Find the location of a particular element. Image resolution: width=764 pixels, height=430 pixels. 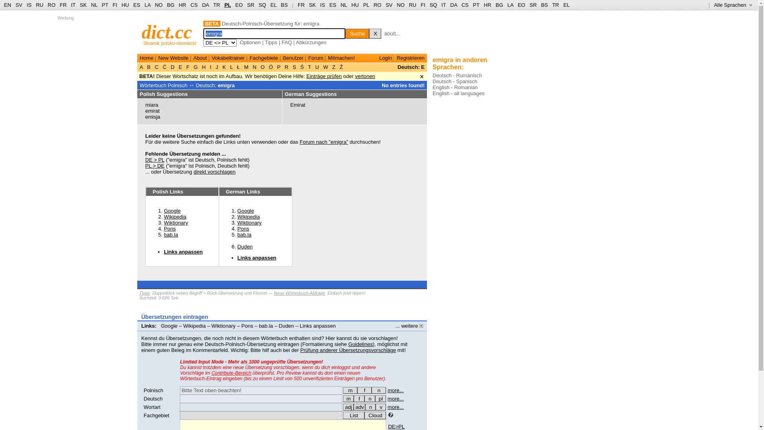

'rodzaju nijakiego' is located at coordinates (378, 390).